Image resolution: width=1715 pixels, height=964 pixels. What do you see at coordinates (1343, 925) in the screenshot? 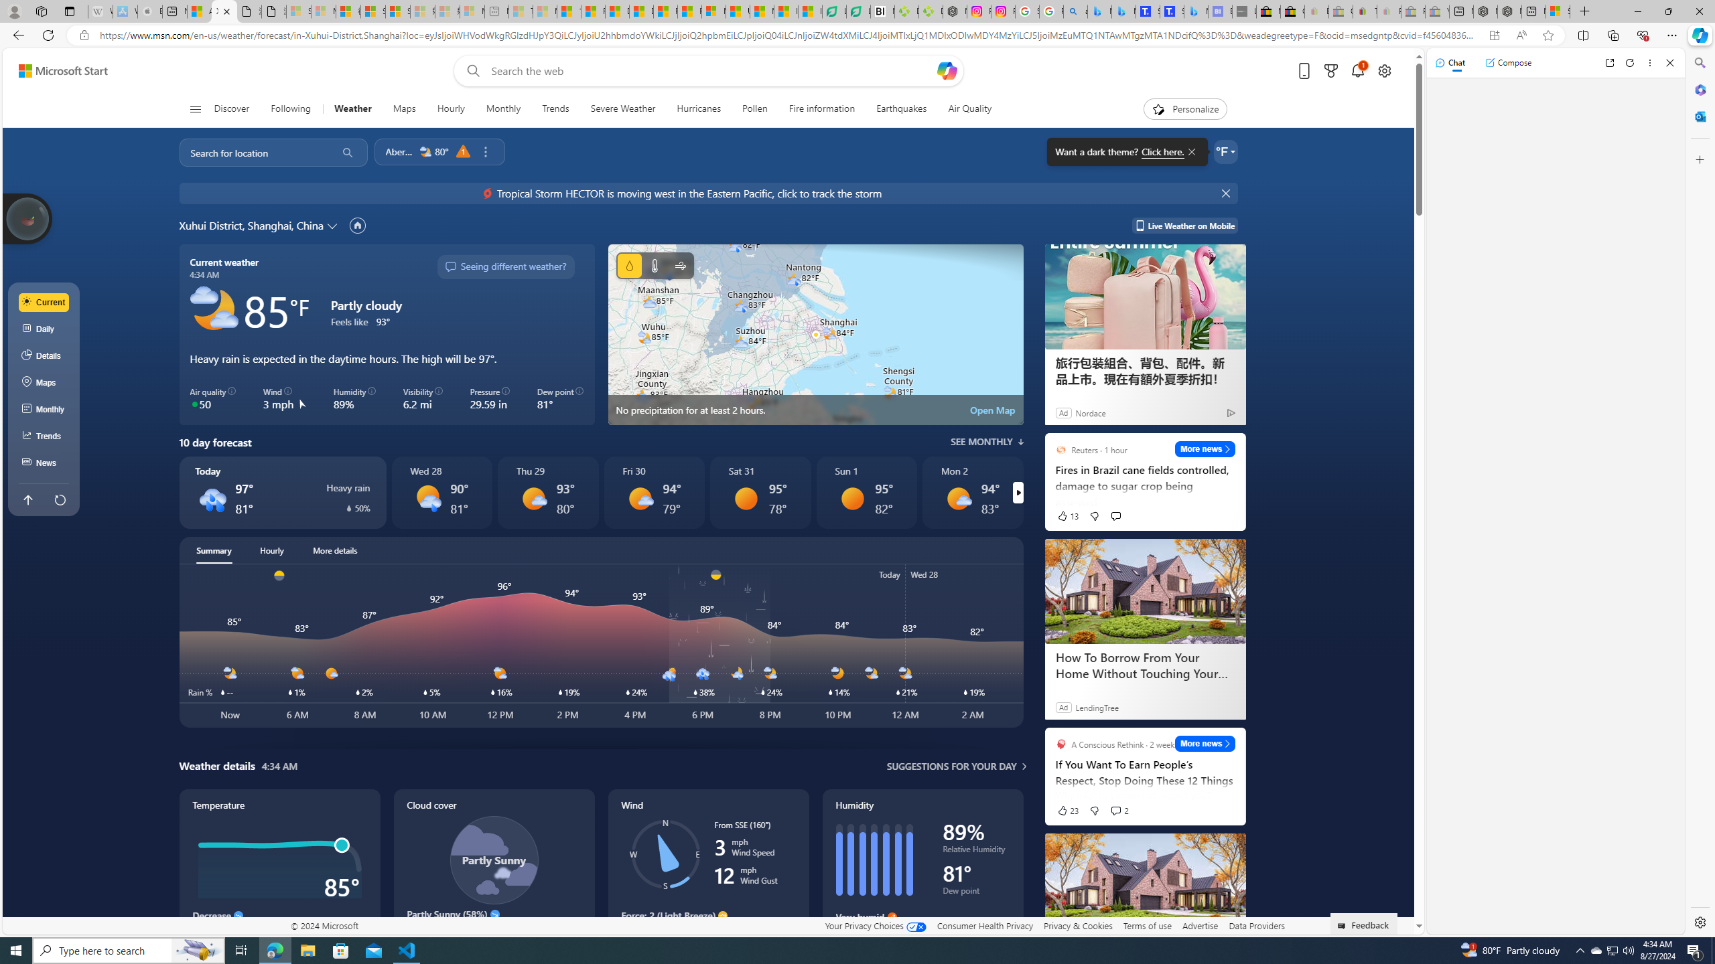
I see `'Class: feedback_link_icon-DS-EntryPoint1-1'` at bounding box center [1343, 925].